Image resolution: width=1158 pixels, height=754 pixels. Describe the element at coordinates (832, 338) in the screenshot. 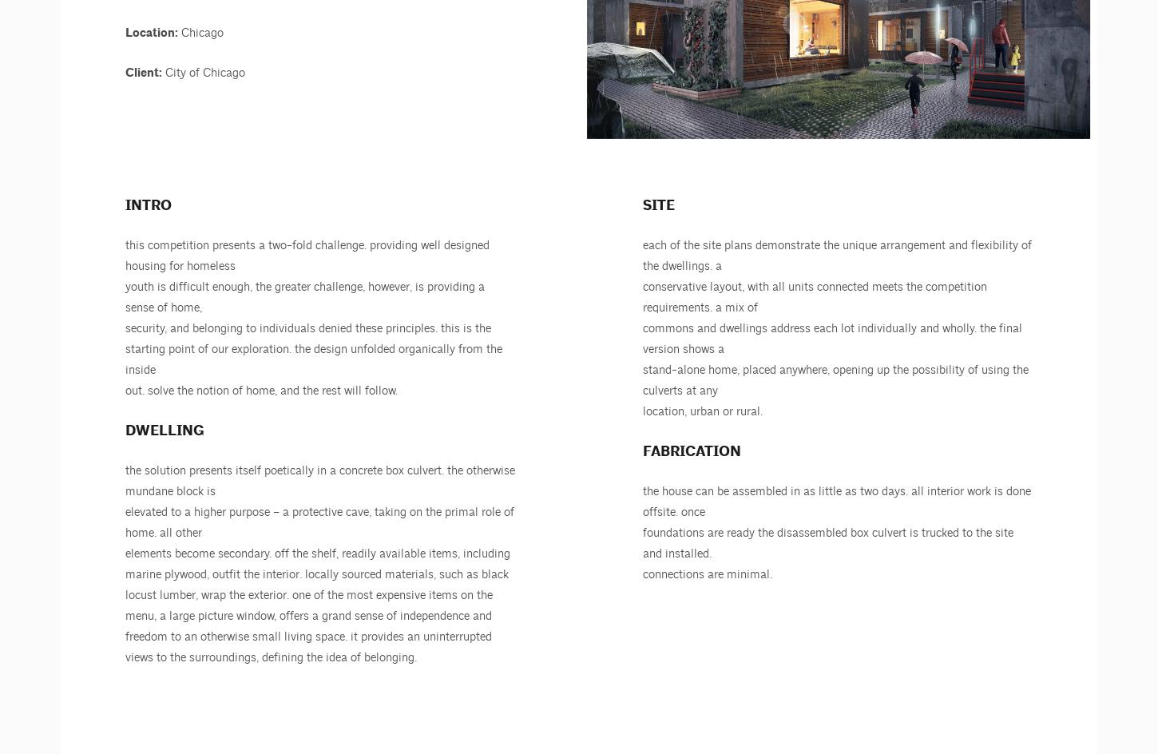

I see `'commons and dwellings address each lot individually and wholly. the final version shows a'` at that location.